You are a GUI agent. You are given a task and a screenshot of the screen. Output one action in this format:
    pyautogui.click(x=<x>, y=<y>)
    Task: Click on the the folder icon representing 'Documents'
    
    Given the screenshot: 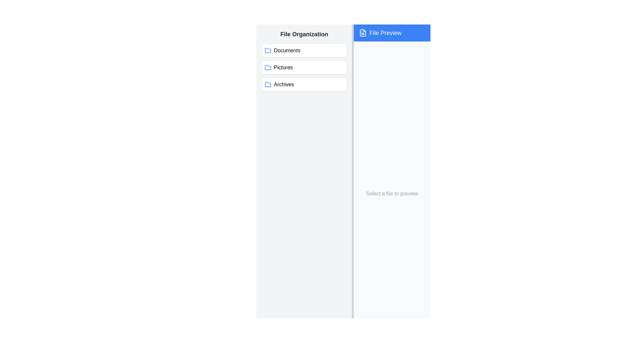 What is the action you would take?
    pyautogui.click(x=268, y=50)
    